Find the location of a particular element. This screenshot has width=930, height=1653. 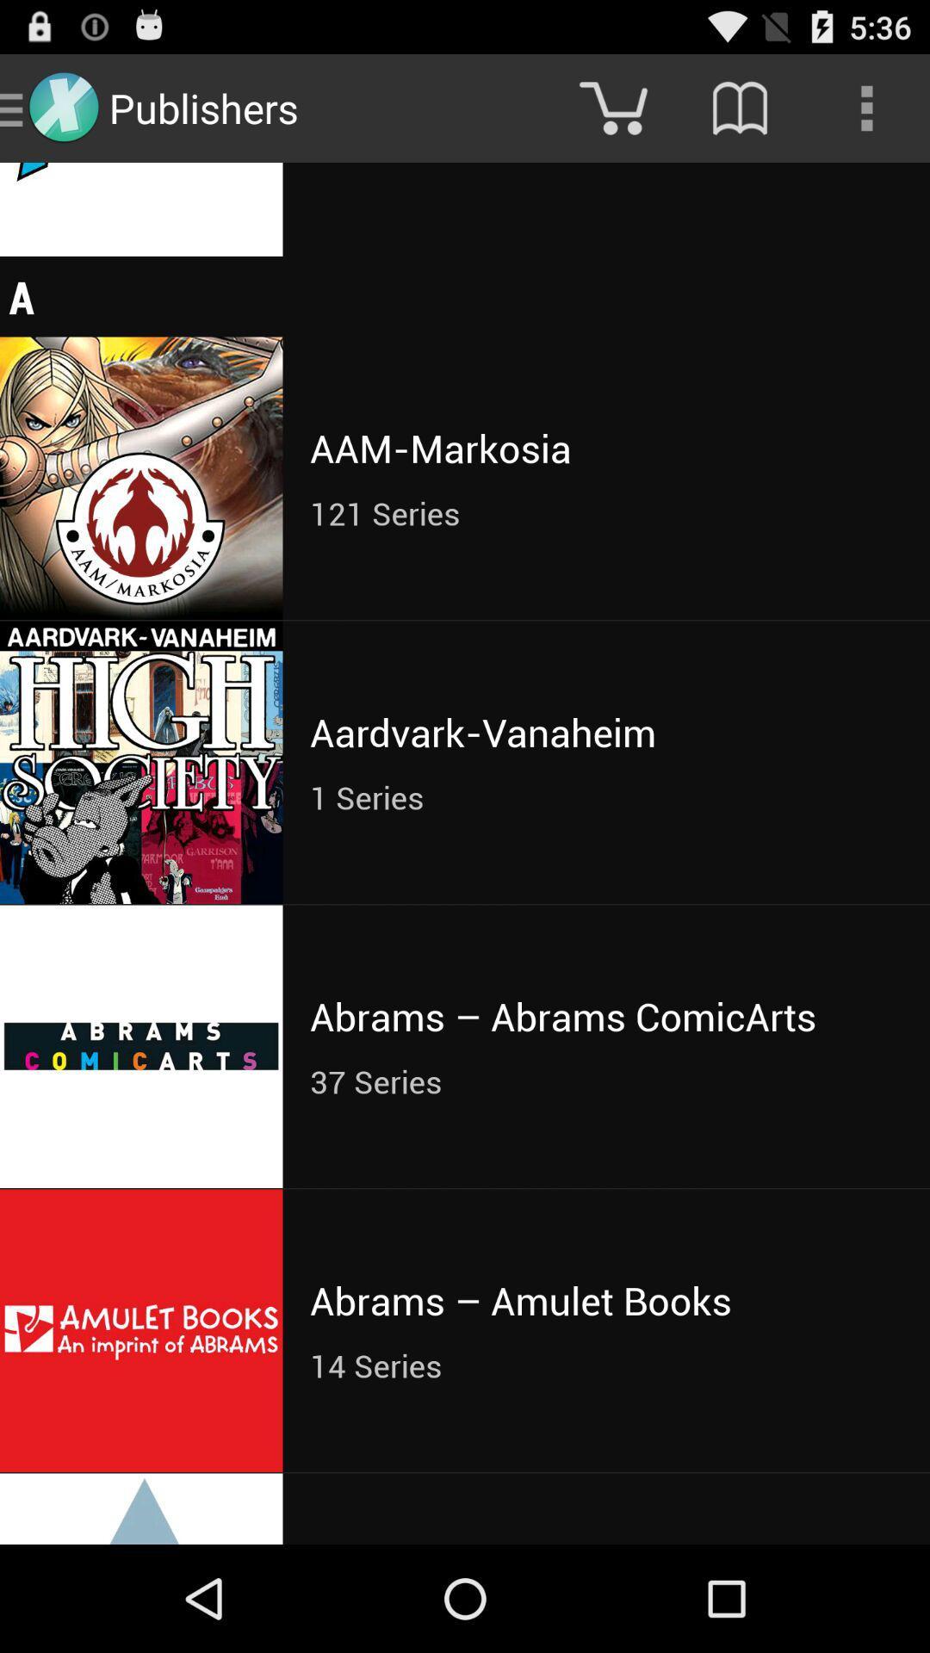

the 1 series is located at coordinates (605, 796).